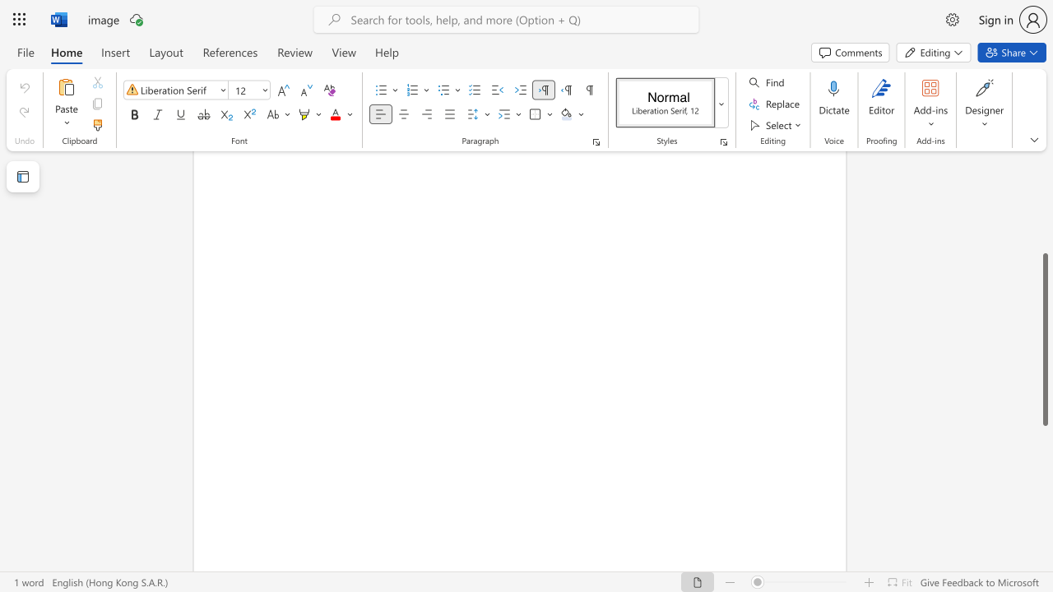 The width and height of the screenshot is (1053, 592). Describe the element at coordinates (1044, 339) in the screenshot. I see `the scrollbar and move down 250 pixels` at that location.